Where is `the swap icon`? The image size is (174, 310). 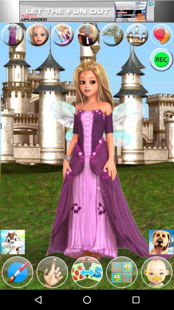
the swap icon is located at coordinates (87, 291).